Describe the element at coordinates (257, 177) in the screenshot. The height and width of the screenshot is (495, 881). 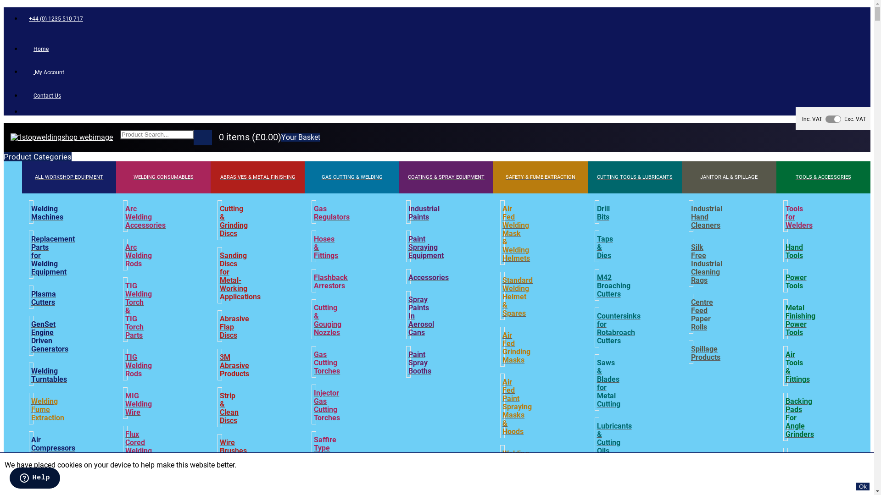
I see `'ABRASIVES & METAL FINISHING'` at that location.